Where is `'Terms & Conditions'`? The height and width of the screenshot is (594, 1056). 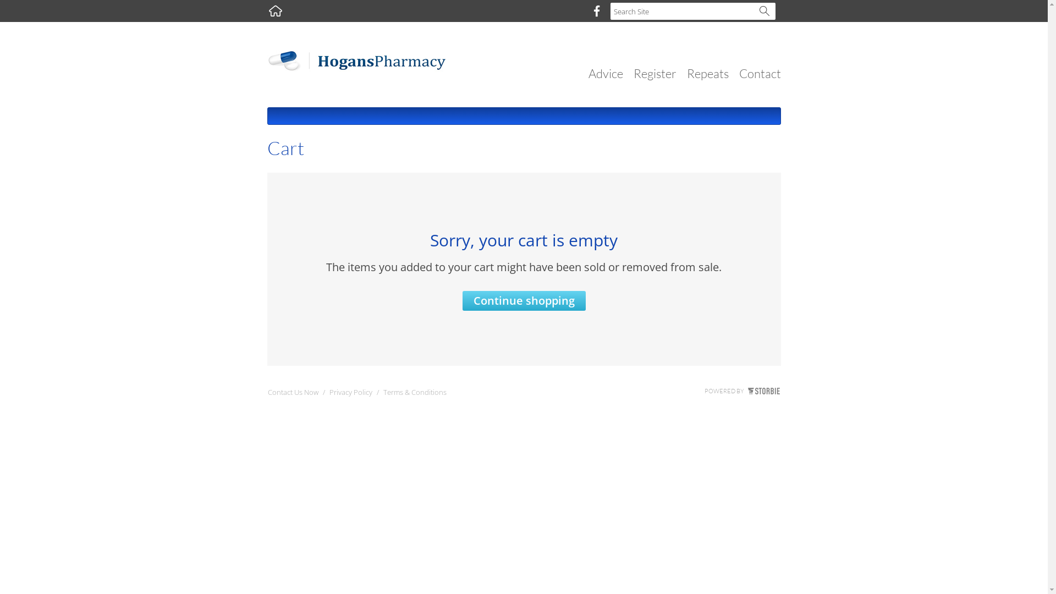
'Terms & Conditions' is located at coordinates (414, 394).